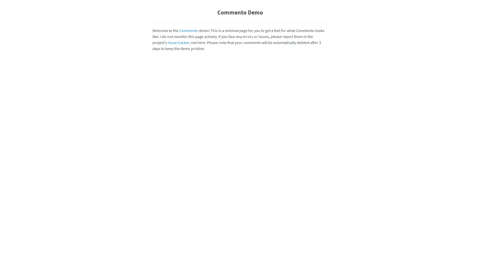 This screenshot has height=270, width=480. Describe the element at coordinates (300, 206) in the screenshot. I see `Reply` at that location.